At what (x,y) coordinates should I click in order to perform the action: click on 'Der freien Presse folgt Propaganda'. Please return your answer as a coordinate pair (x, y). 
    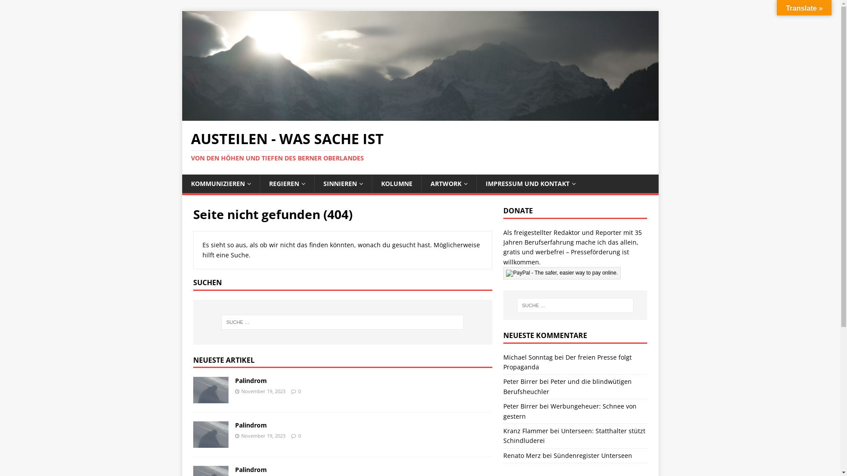
    Looking at the image, I should click on (567, 362).